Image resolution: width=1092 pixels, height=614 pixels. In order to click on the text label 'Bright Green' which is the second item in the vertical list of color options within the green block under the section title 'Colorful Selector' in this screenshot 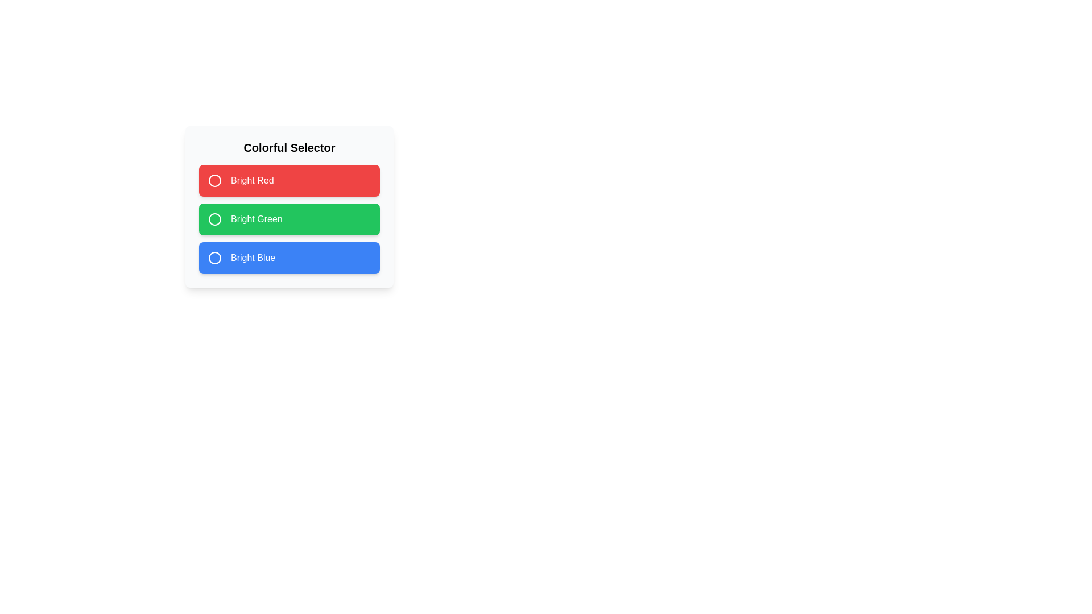, I will do `click(256, 219)`.